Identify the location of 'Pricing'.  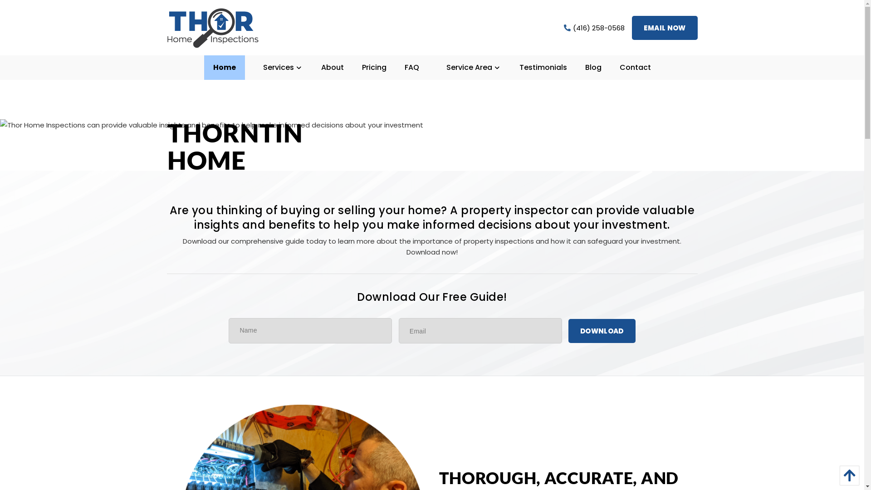
(374, 67).